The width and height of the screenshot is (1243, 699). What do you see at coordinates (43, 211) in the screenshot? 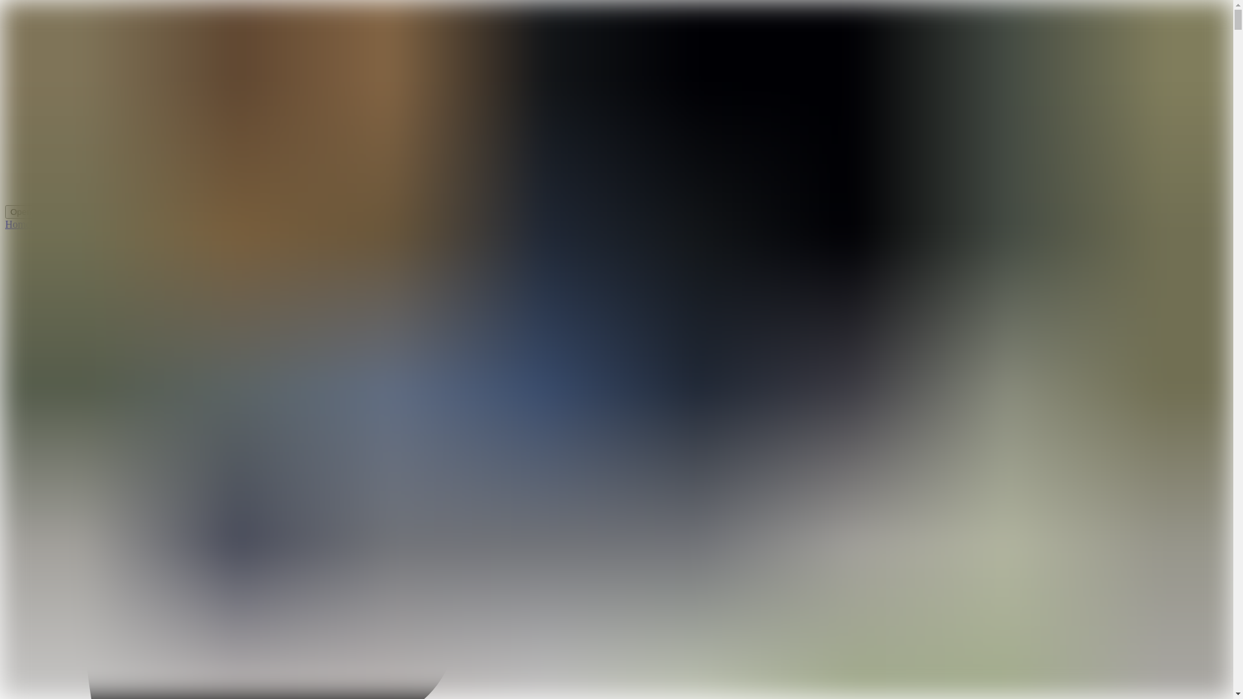
I see `'Open main menu'` at bounding box center [43, 211].